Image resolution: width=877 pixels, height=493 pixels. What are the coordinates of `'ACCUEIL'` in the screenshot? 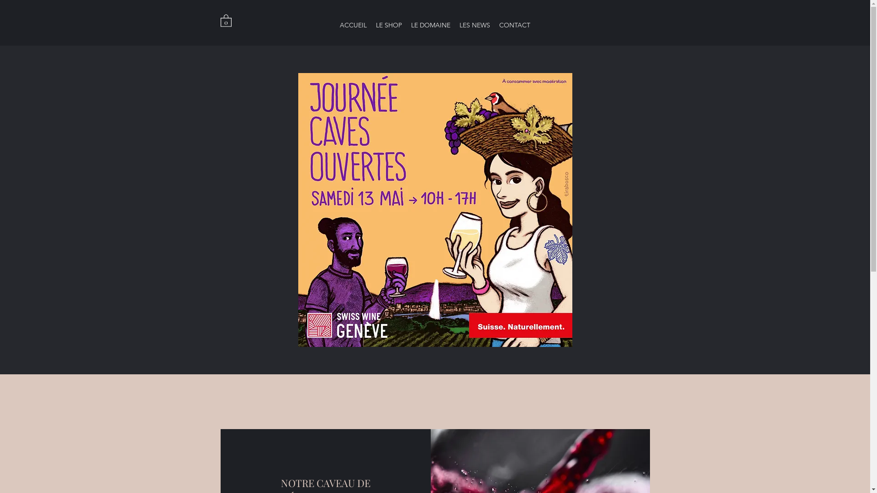 It's located at (353, 24).